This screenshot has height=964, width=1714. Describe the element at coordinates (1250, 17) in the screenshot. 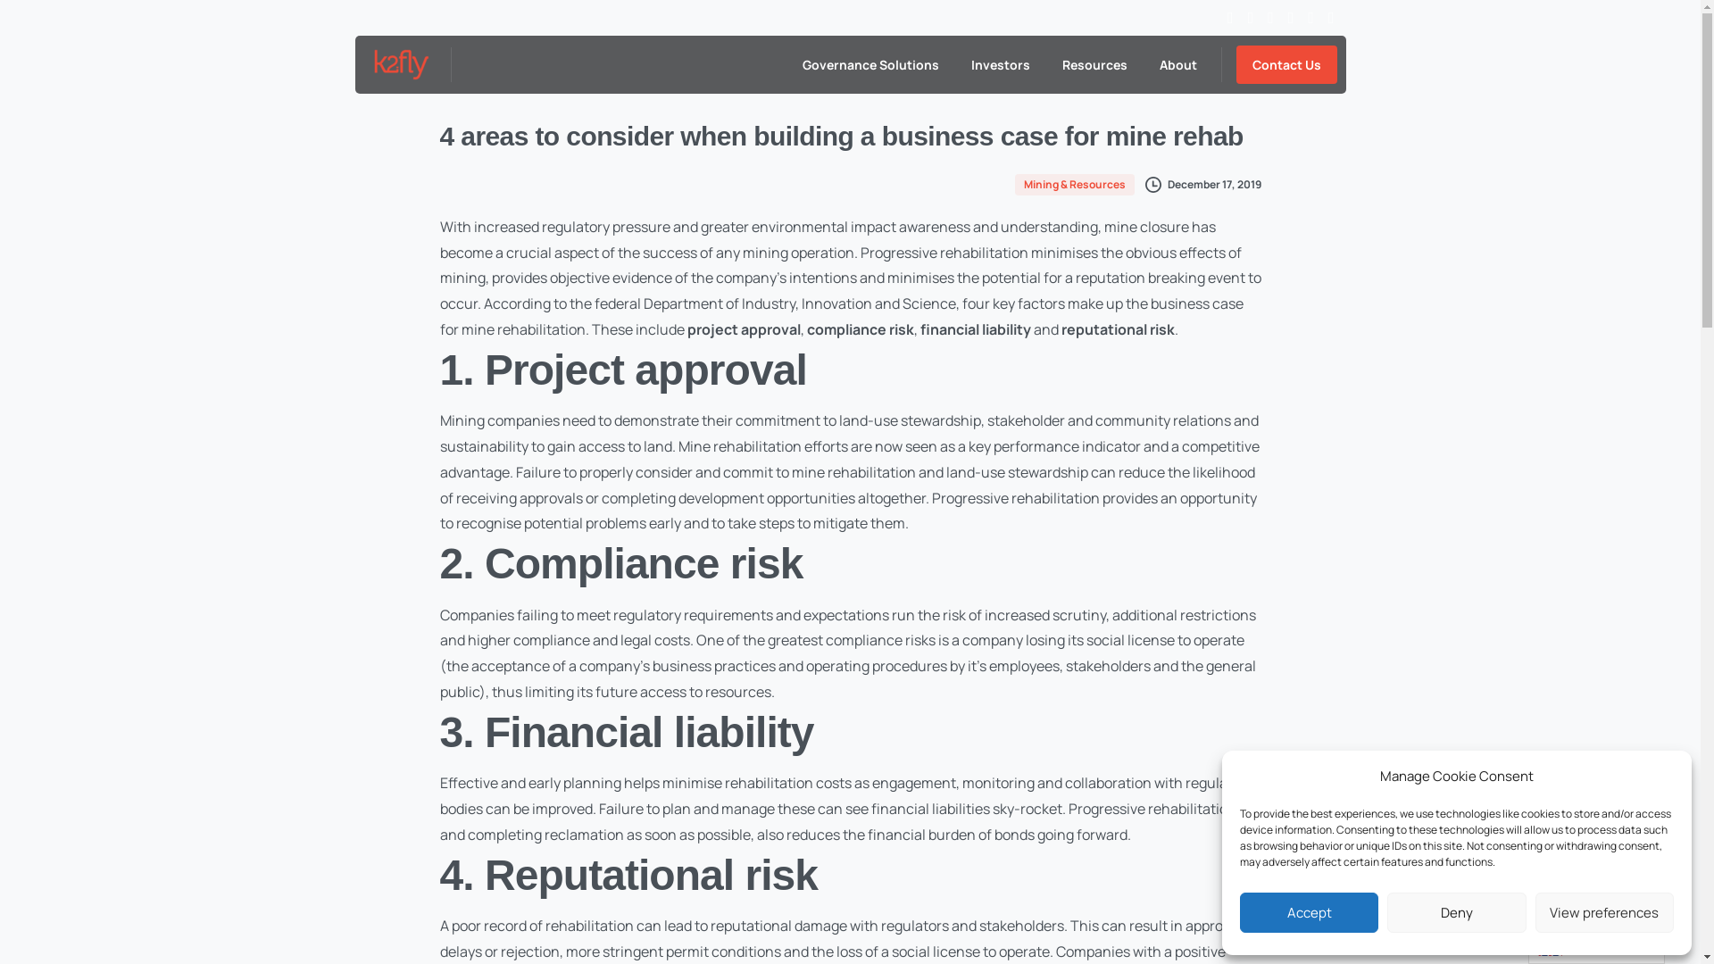

I see `'twitter'` at that location.